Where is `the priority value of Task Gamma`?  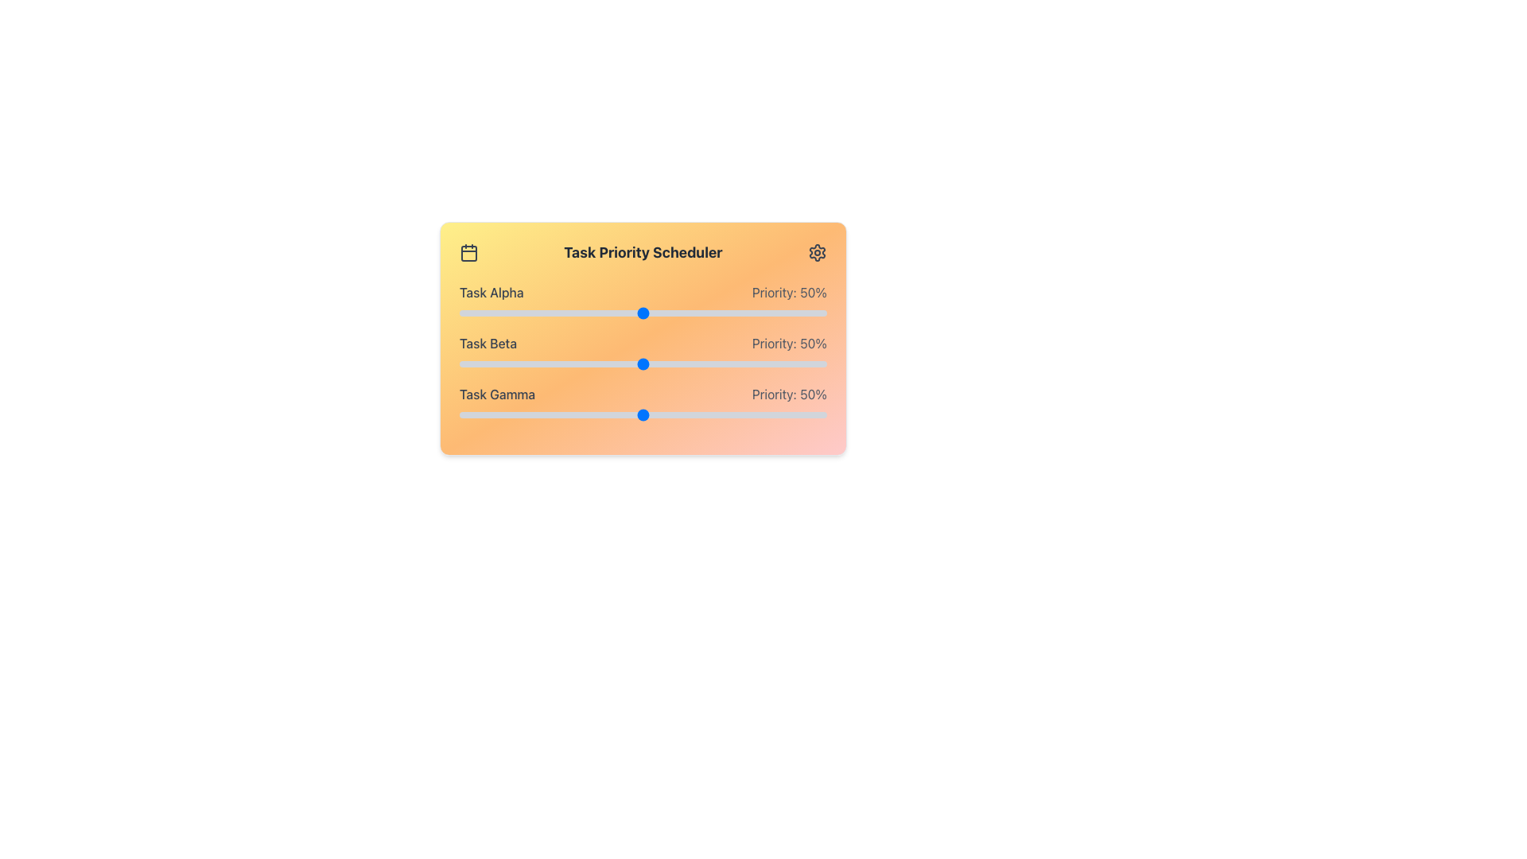
the priority value of Task Gamma is located at coordinates (740, 394).